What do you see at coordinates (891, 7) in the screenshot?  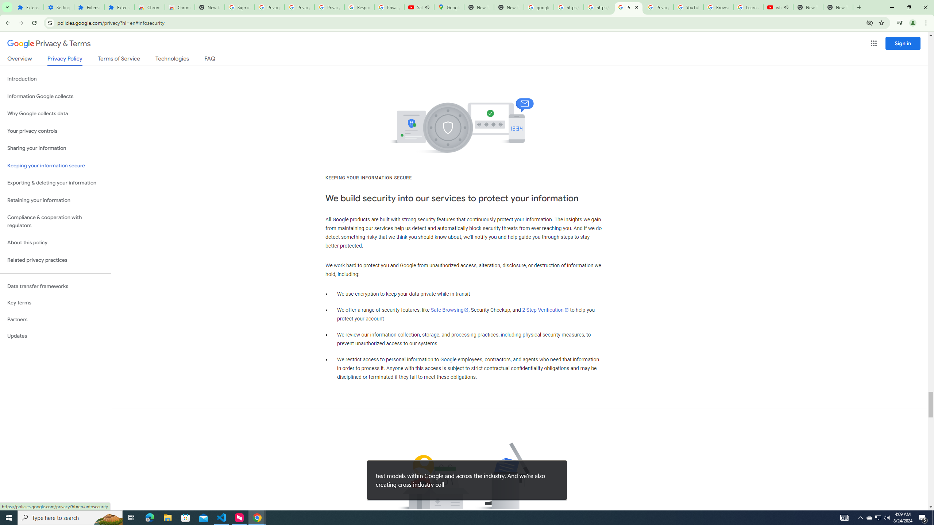 I see `'Minimize'` at bounding box center [891, 7].